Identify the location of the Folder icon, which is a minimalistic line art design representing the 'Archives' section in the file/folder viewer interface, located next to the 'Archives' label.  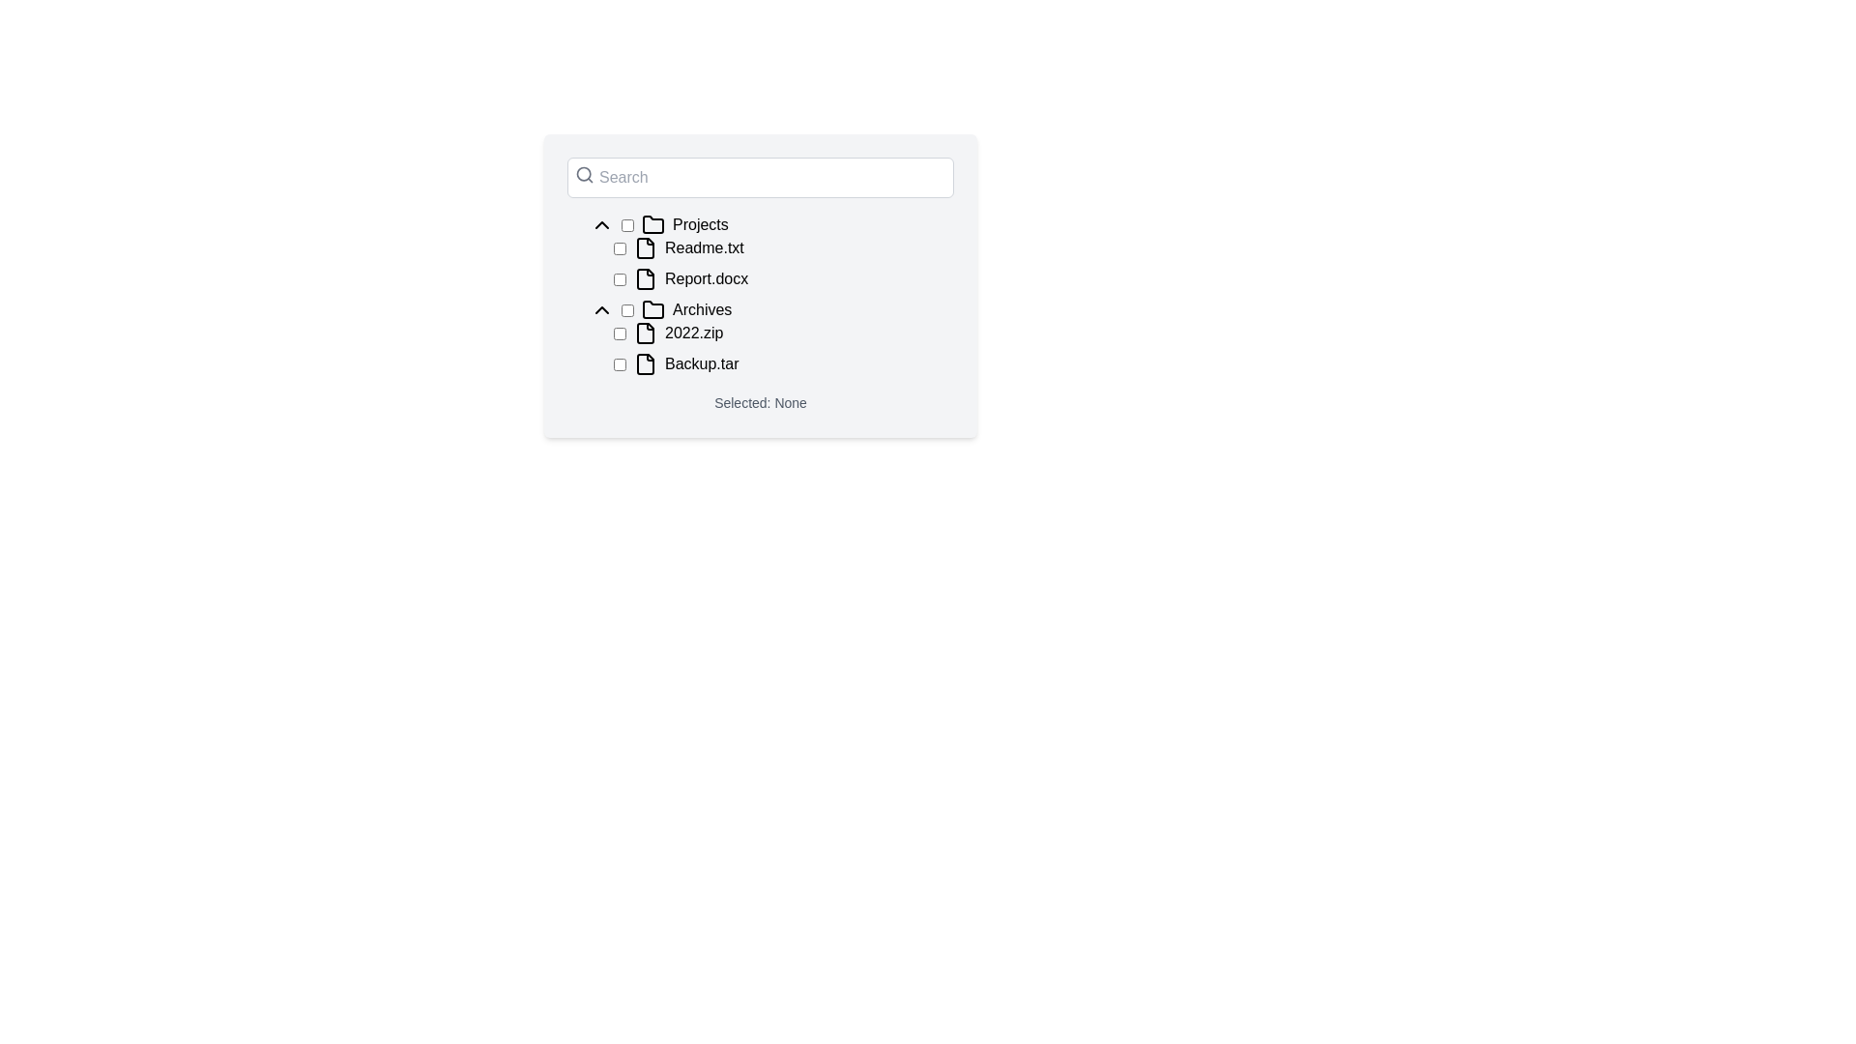
(653, 308).